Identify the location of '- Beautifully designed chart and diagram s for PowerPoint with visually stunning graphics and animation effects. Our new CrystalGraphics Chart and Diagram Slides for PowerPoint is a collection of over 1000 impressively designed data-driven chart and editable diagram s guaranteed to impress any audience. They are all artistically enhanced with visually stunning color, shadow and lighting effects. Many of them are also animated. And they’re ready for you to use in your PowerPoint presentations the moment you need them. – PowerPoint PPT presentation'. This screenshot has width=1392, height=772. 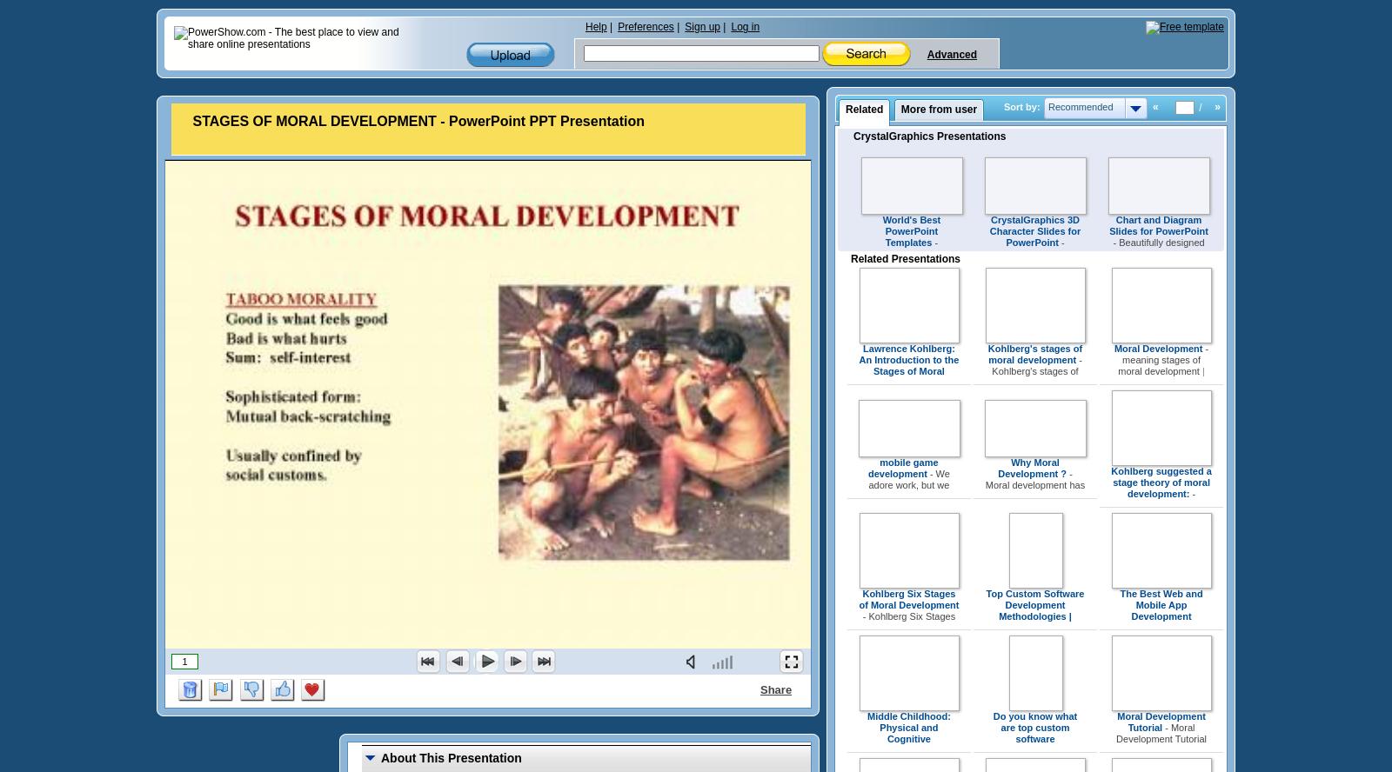
(1157, 389).